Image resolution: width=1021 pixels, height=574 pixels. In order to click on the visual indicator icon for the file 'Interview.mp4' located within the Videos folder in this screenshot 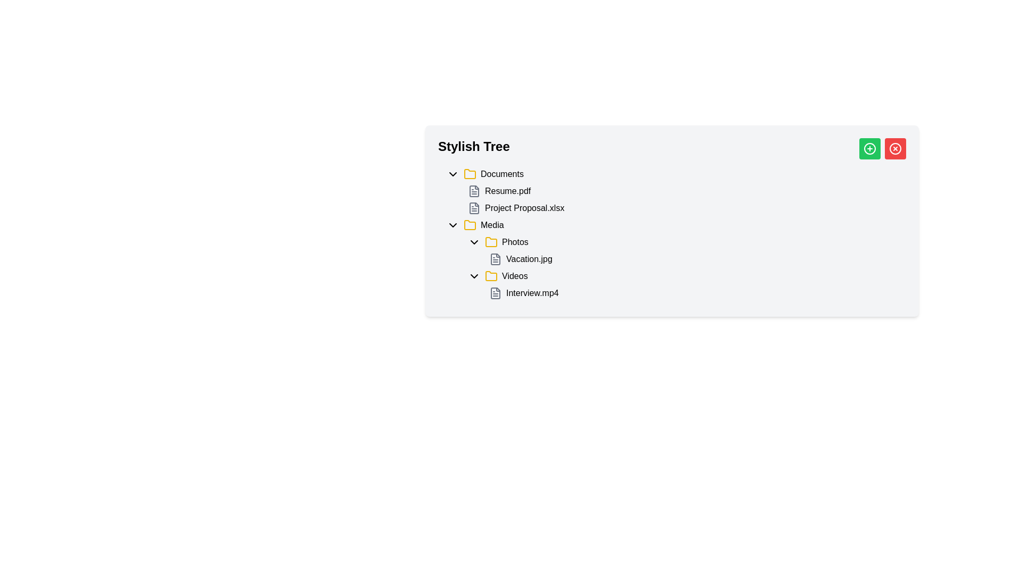, I will do `click(495, 293)`.